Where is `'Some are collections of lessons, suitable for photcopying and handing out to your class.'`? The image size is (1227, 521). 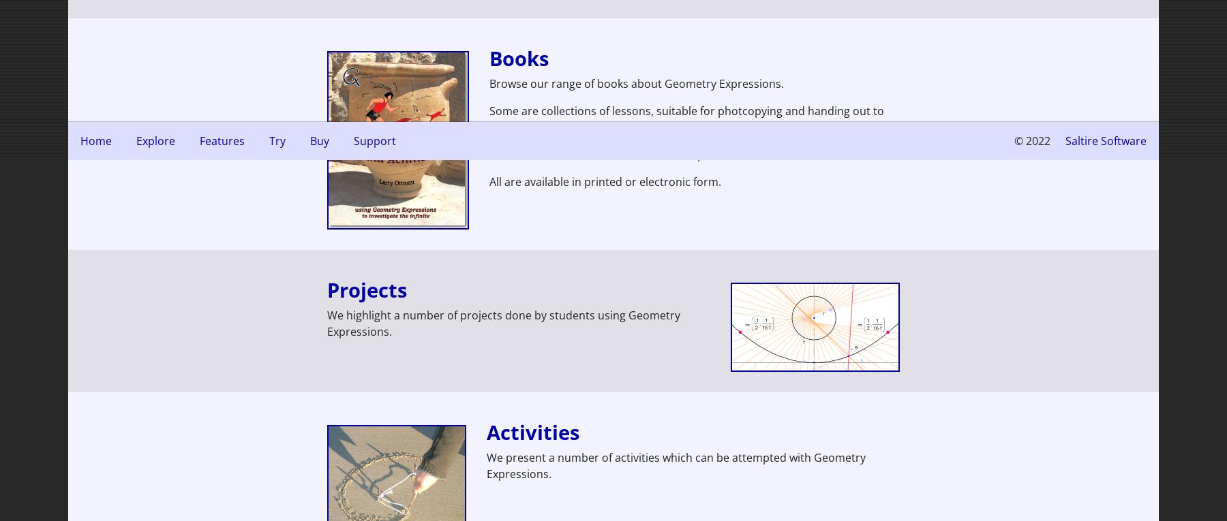
'Some are collections of lessons, suitable for photcopying and handing out to your class.' is located at coordinates (686, 118).